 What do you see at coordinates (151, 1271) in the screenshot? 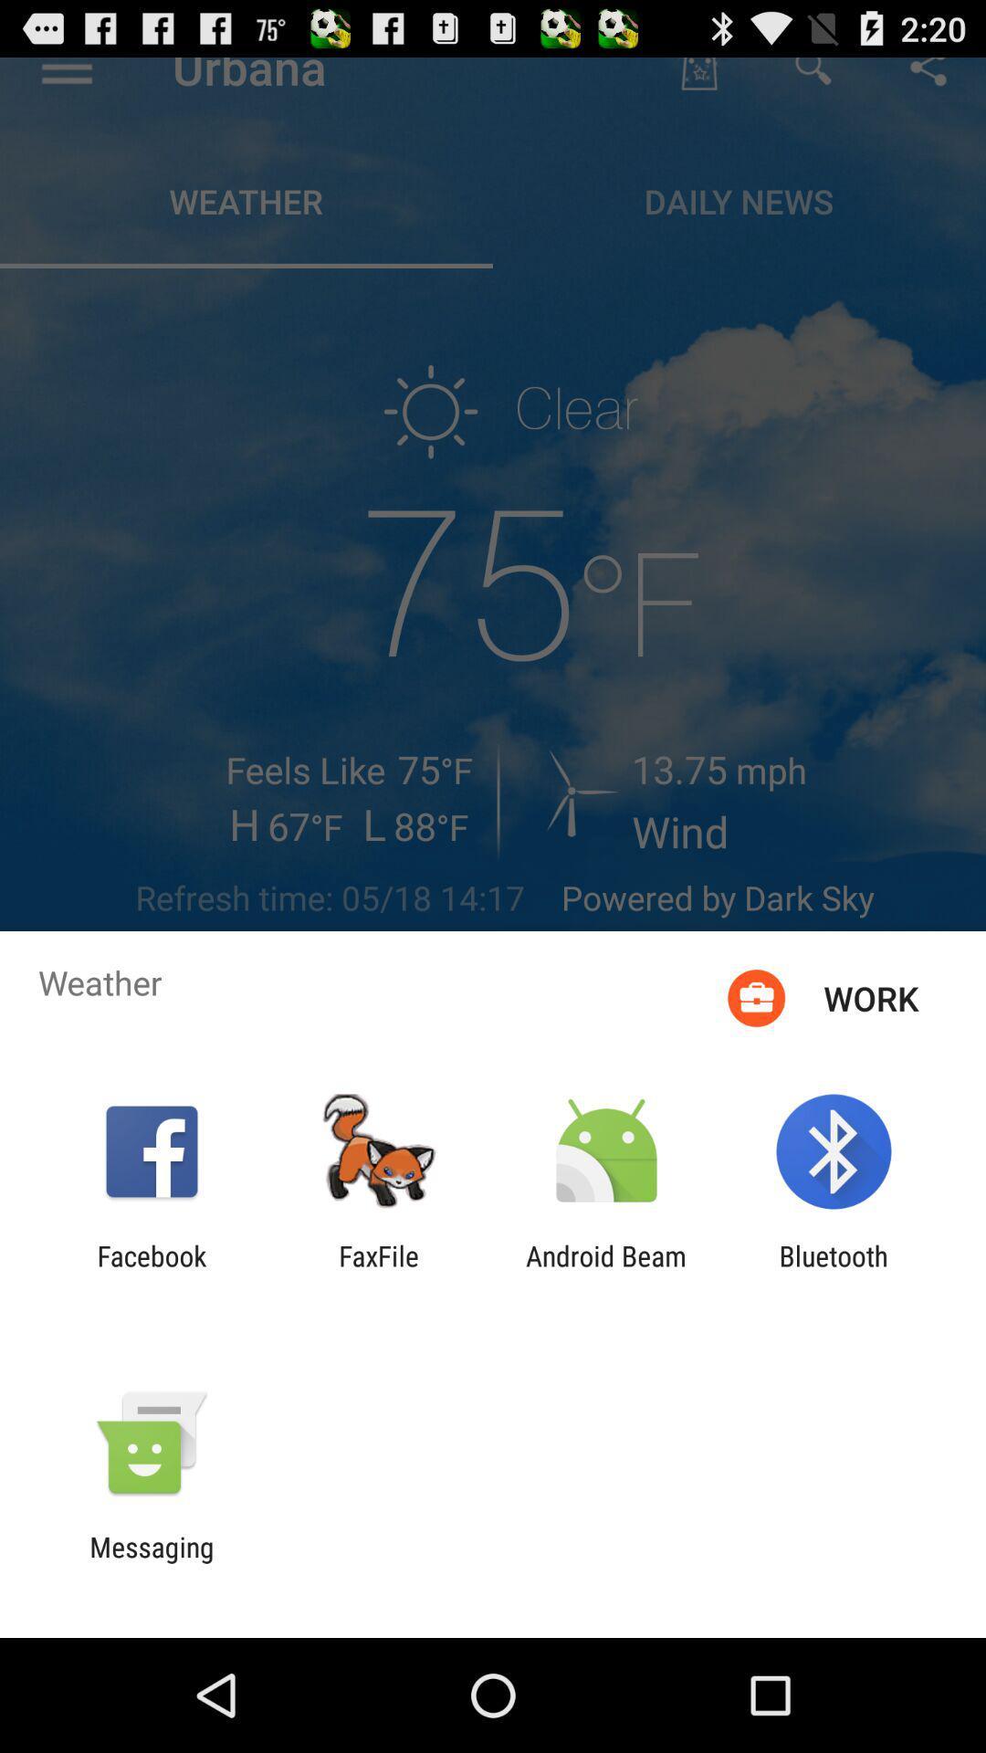
I see `the app to the left of the faxfile icon` at bounding box center [151, 1271].